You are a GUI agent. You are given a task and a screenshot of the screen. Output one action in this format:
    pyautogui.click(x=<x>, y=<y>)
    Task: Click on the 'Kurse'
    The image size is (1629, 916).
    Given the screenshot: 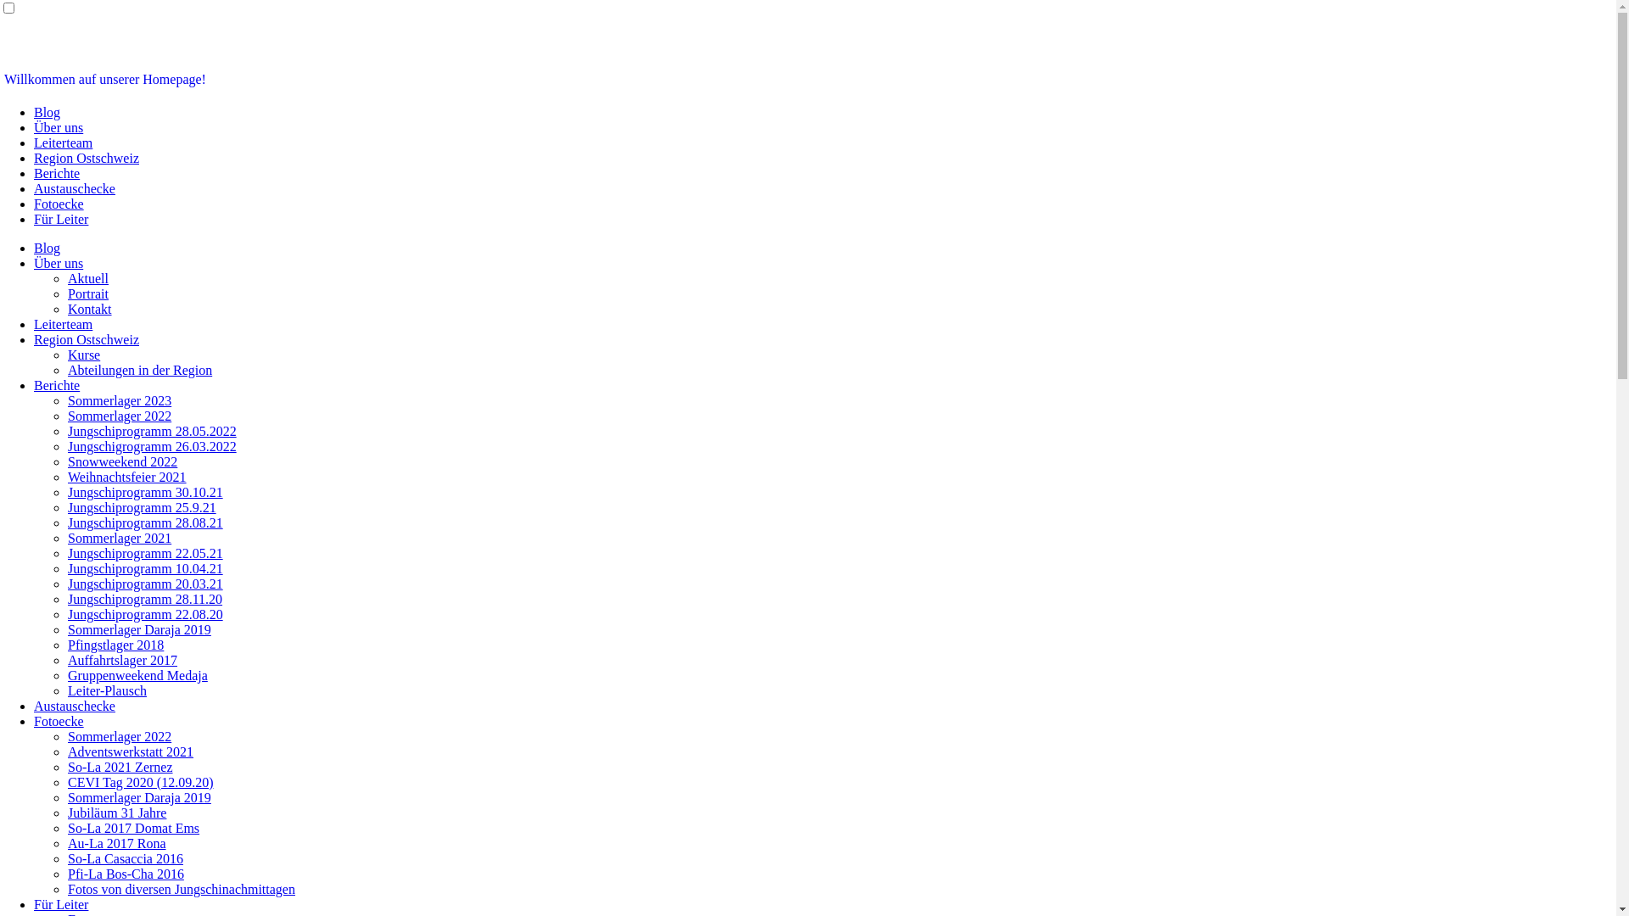 What is the action you would take?
    pyautogui.click(x=83, y=354)
    